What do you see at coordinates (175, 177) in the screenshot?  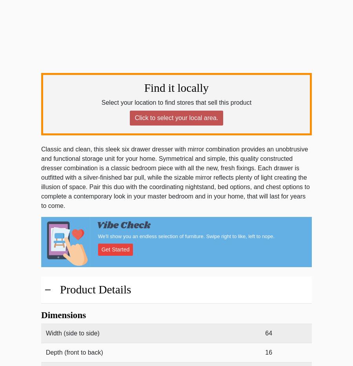 I see `'Classic and clean, this sleek six drawer dresser with mirror combination provides an unobtrusive and functional storage unit for your home. Symmetrical and simple, this quality constructed dresser combination is a classic bedroom piece with all the new, fresh fixings. Each drawer is outfitted with a silver-finished bar pull, while the sizable mirror reflects plenty of light creating the illusion of space. Pair this duo with the coordinating nightstand, bed options, and chest options to complete a contemporary look in your master bedroom and in your home, that will last for years to come.'` at bounding box center [175, 177].